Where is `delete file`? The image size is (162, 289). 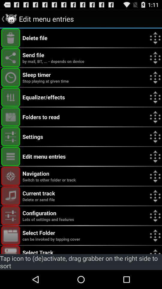
delete file is located at coordinates (10, 38).